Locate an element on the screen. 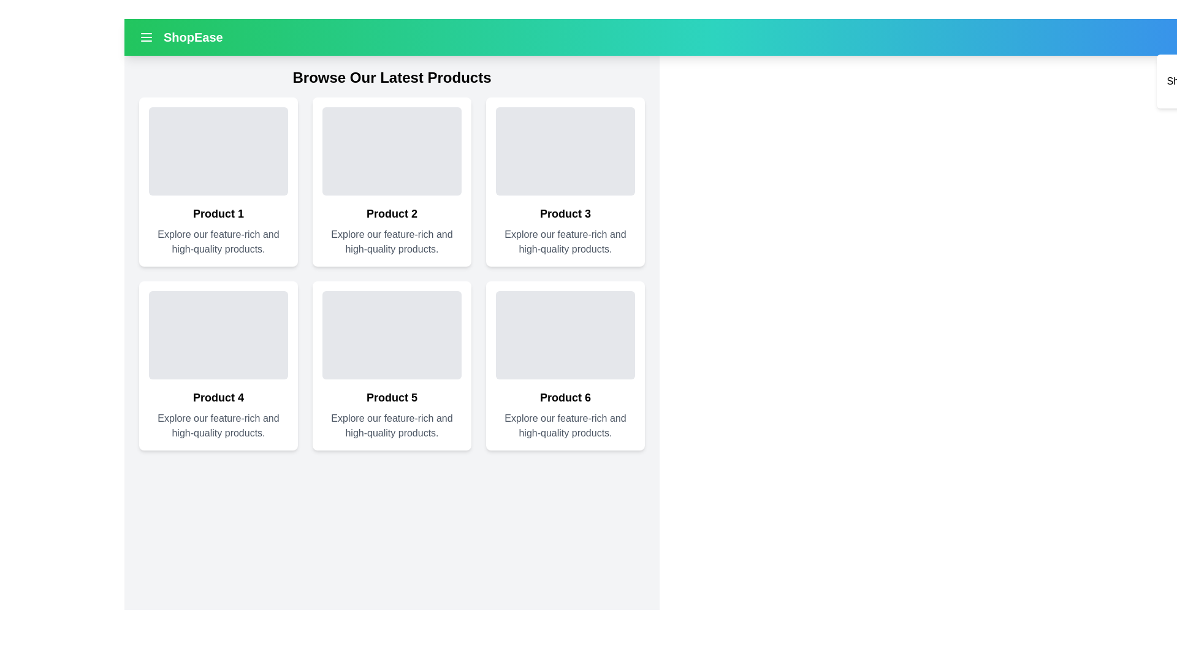 Image resolution: width=1177 pixels, height=662 pixels. text content of the header element located at the top of the product grid is located at coordinates (391, 78).